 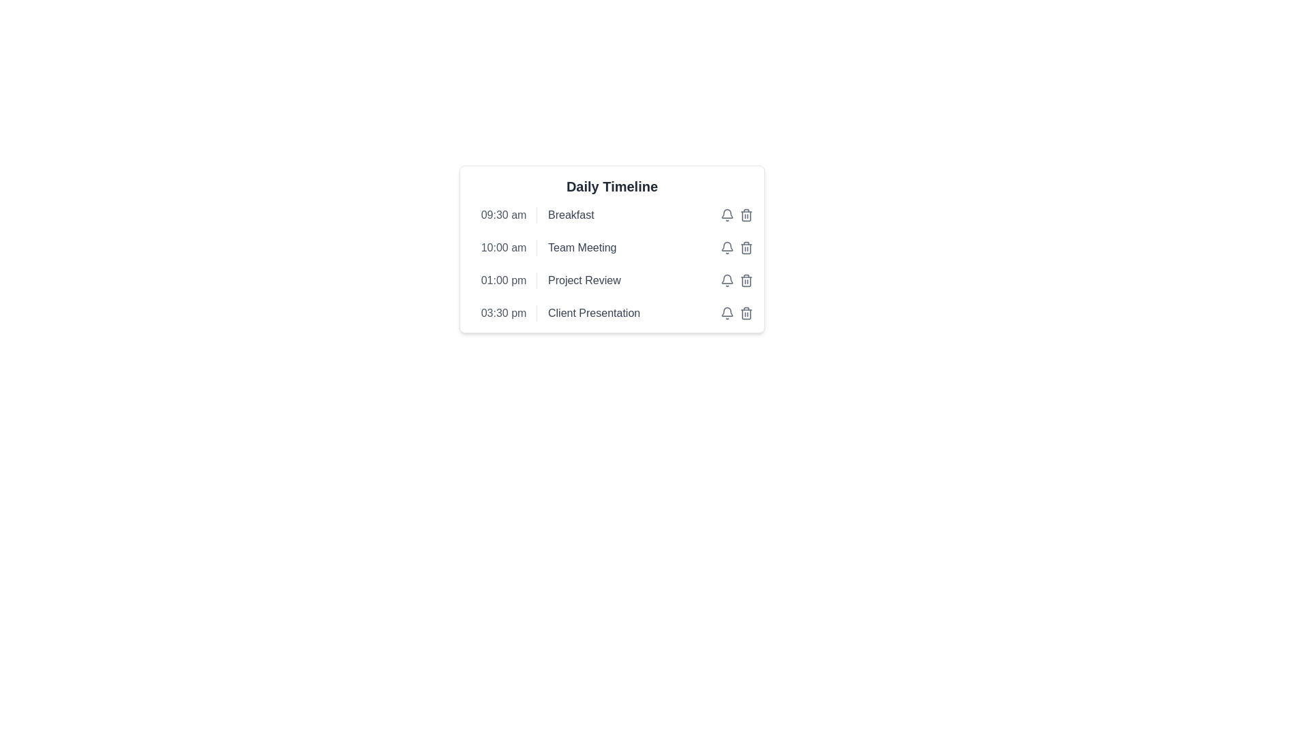 I want to click on the time indicator text label located in the left section of the fourth row in the timeline component, under the '01:00 pm' entry, so click(x=503, y=313).